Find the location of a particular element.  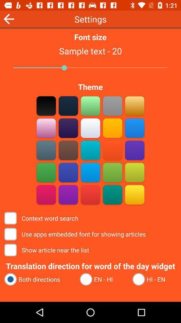

color theme is located at coordinates (90, 172).